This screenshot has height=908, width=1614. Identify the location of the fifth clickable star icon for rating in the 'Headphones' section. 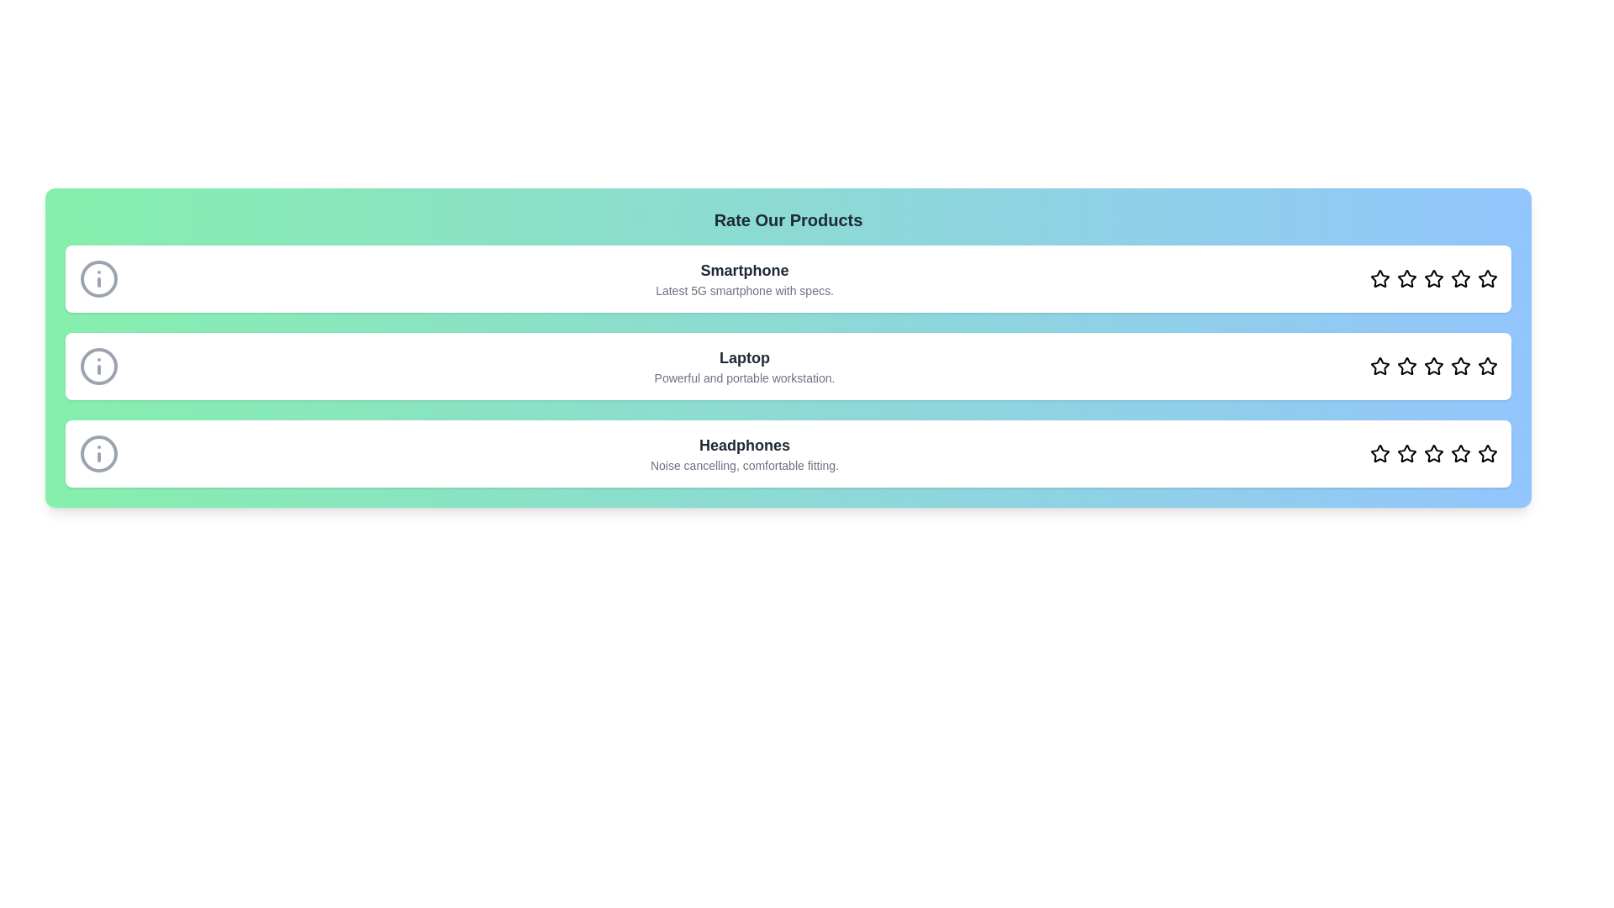
(1459, 454).